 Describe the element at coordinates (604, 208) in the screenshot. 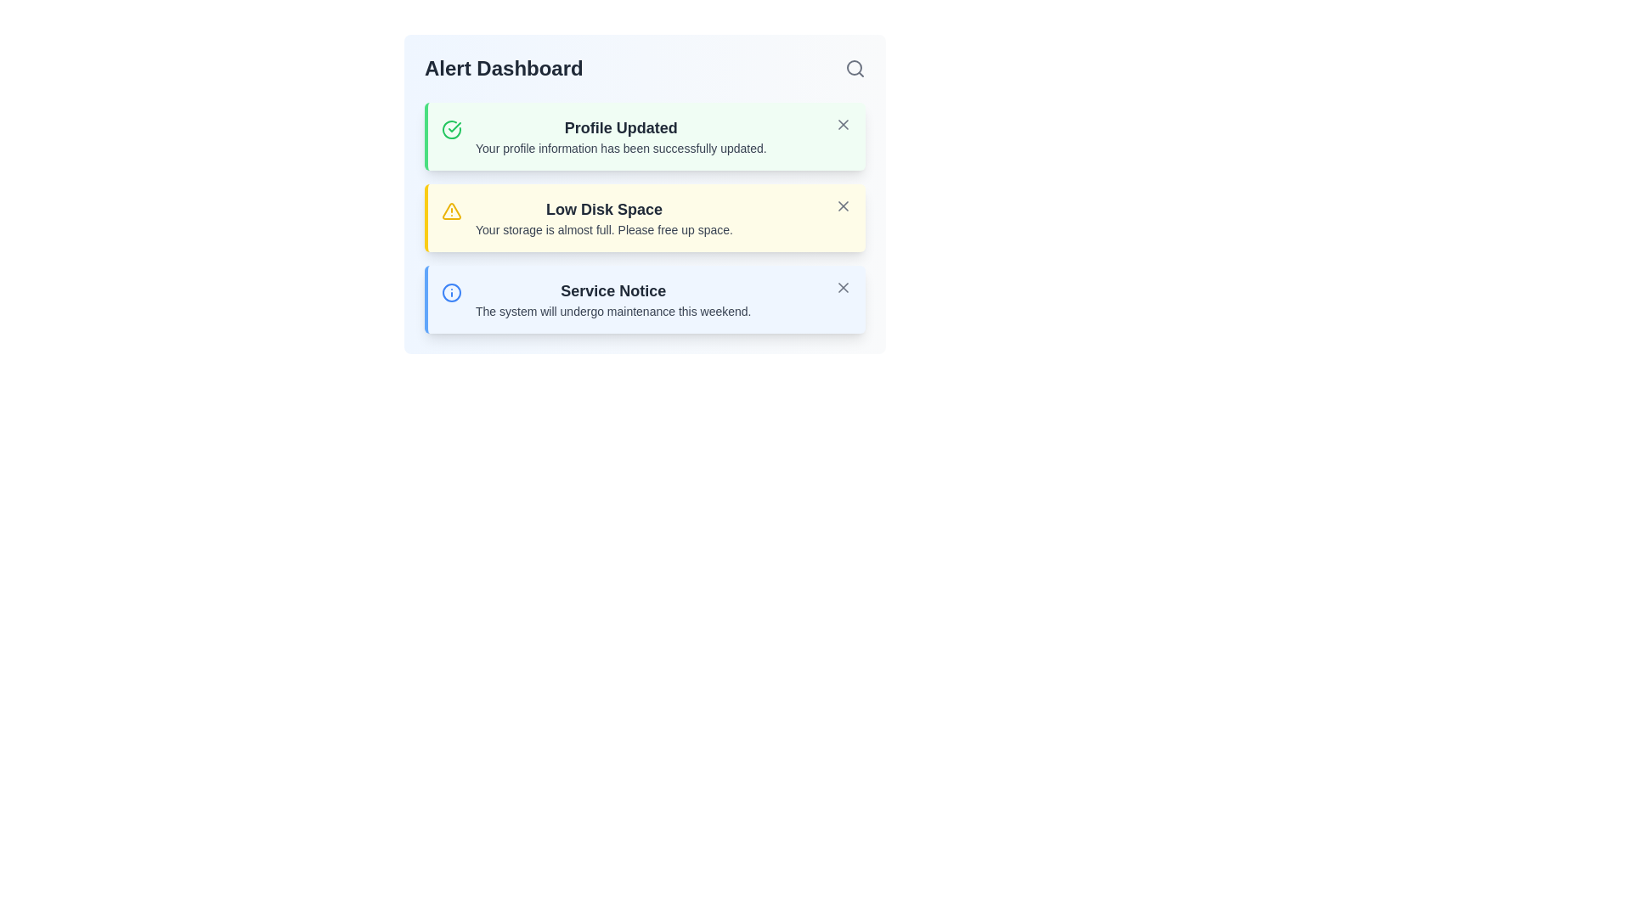

I see `the 'Low Disk Space' text label, which is a bold heading in a yellow alert box, positioned above a smaller descriptive text` at that location.